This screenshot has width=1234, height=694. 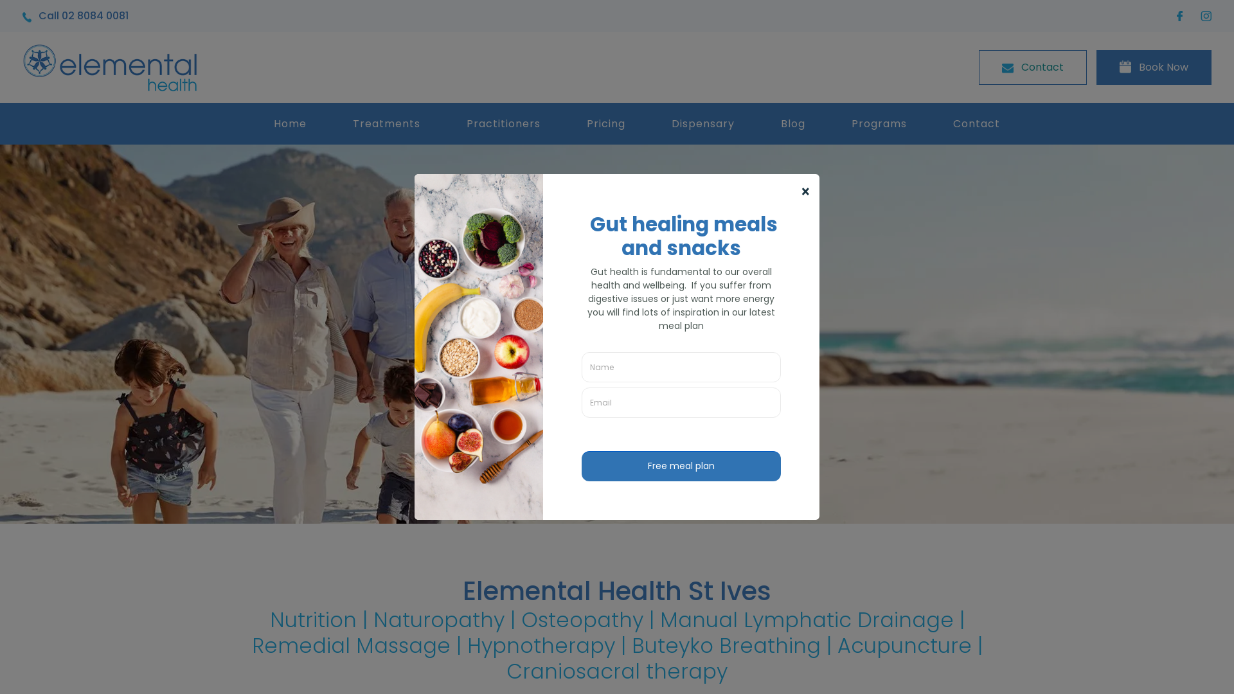 What do you see at coordinates (289, 123) in the screenshot?
I see `'Home'` at bounding box center [289, 123].